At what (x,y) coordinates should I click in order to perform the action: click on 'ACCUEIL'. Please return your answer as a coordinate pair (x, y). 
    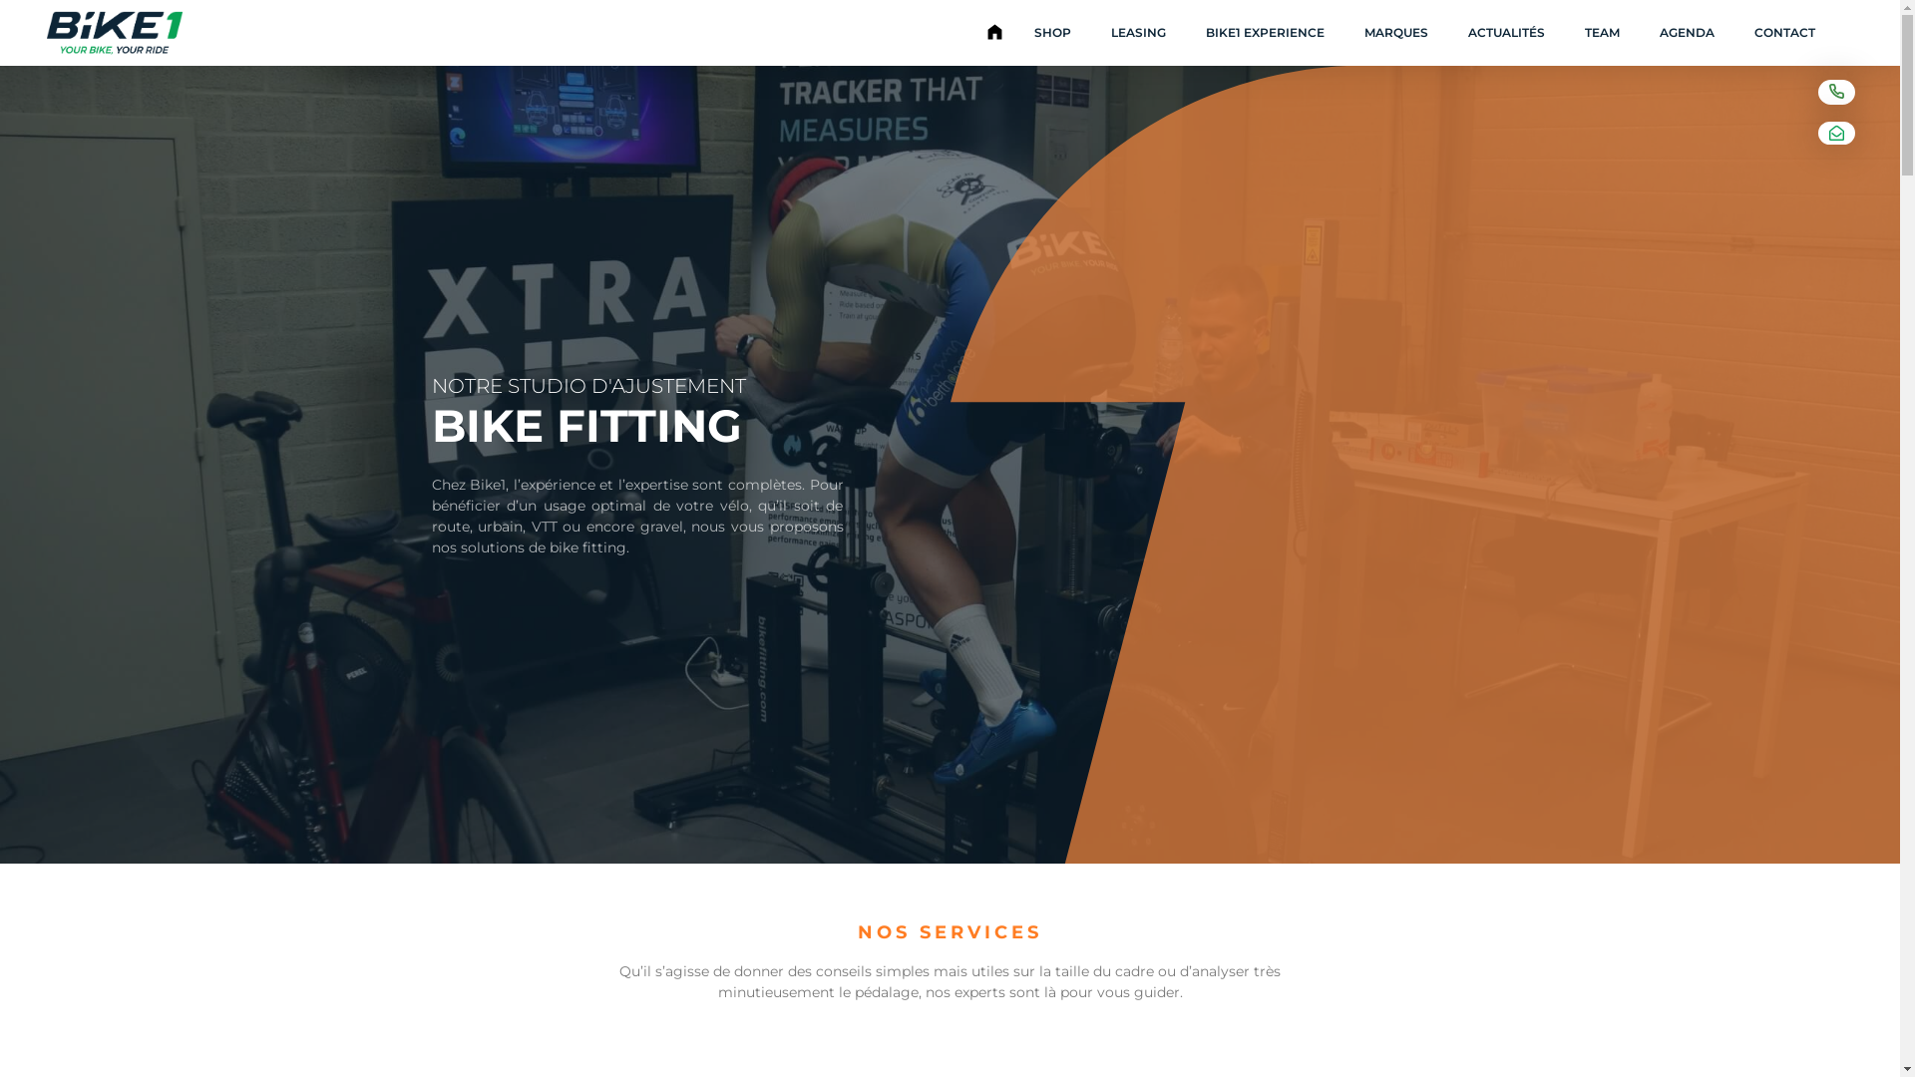
    Looking at the image, I should click on (994, 33).